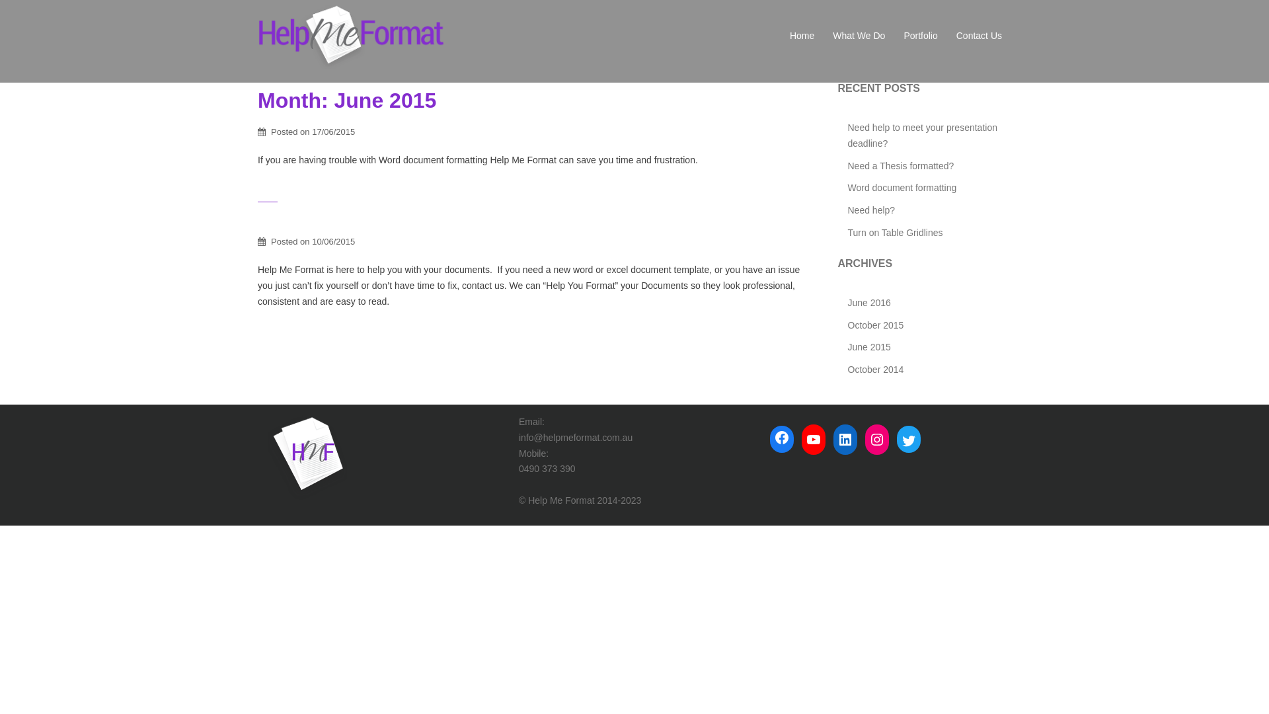 The height and width of the screenshot is (714, 1269). Describe the element at coordinates (844, 439) in the screenshot. I see `'LinkedIn'` at that location.